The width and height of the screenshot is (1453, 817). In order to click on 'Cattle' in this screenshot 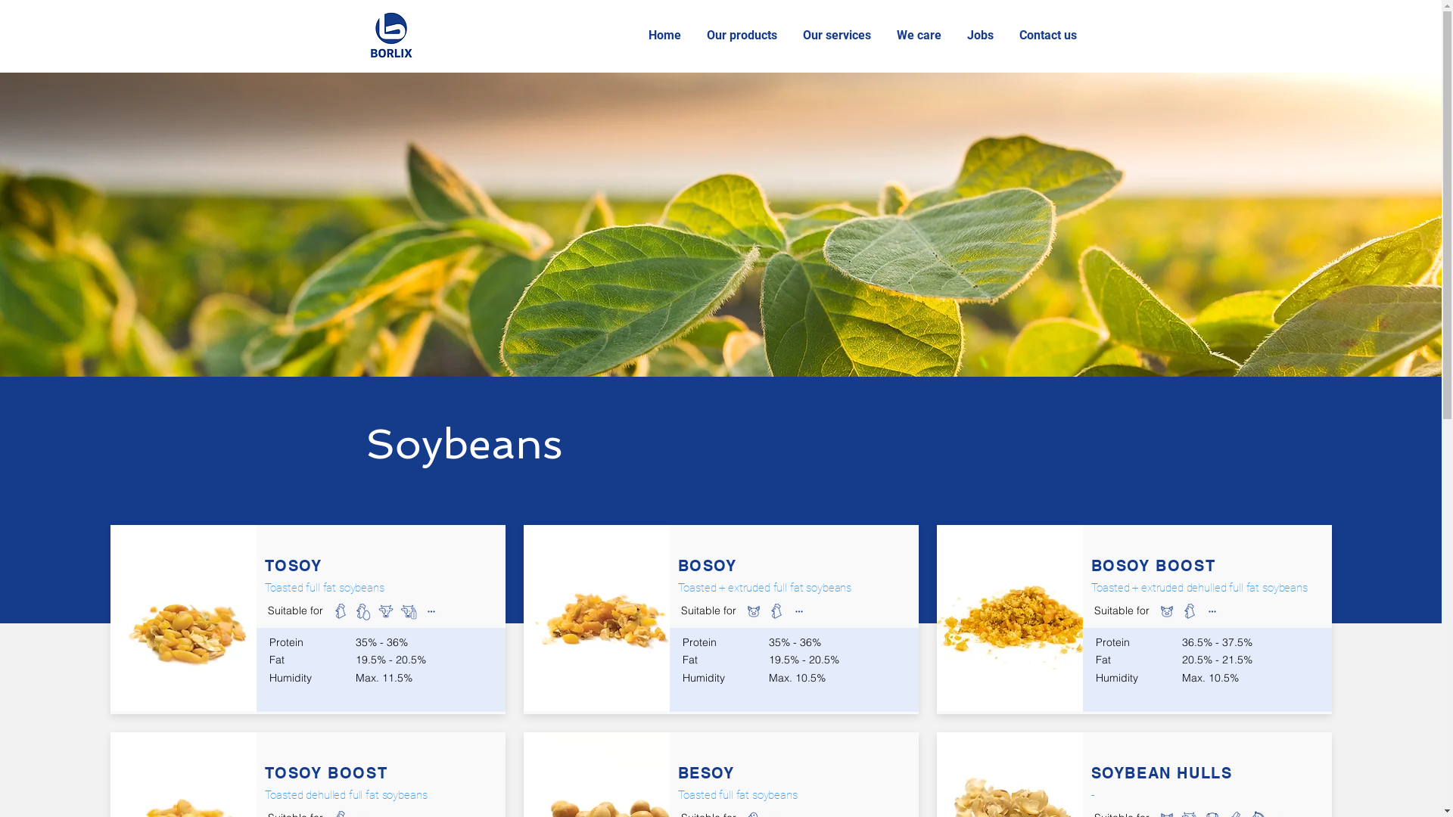, I will do `click(384, 609)`.